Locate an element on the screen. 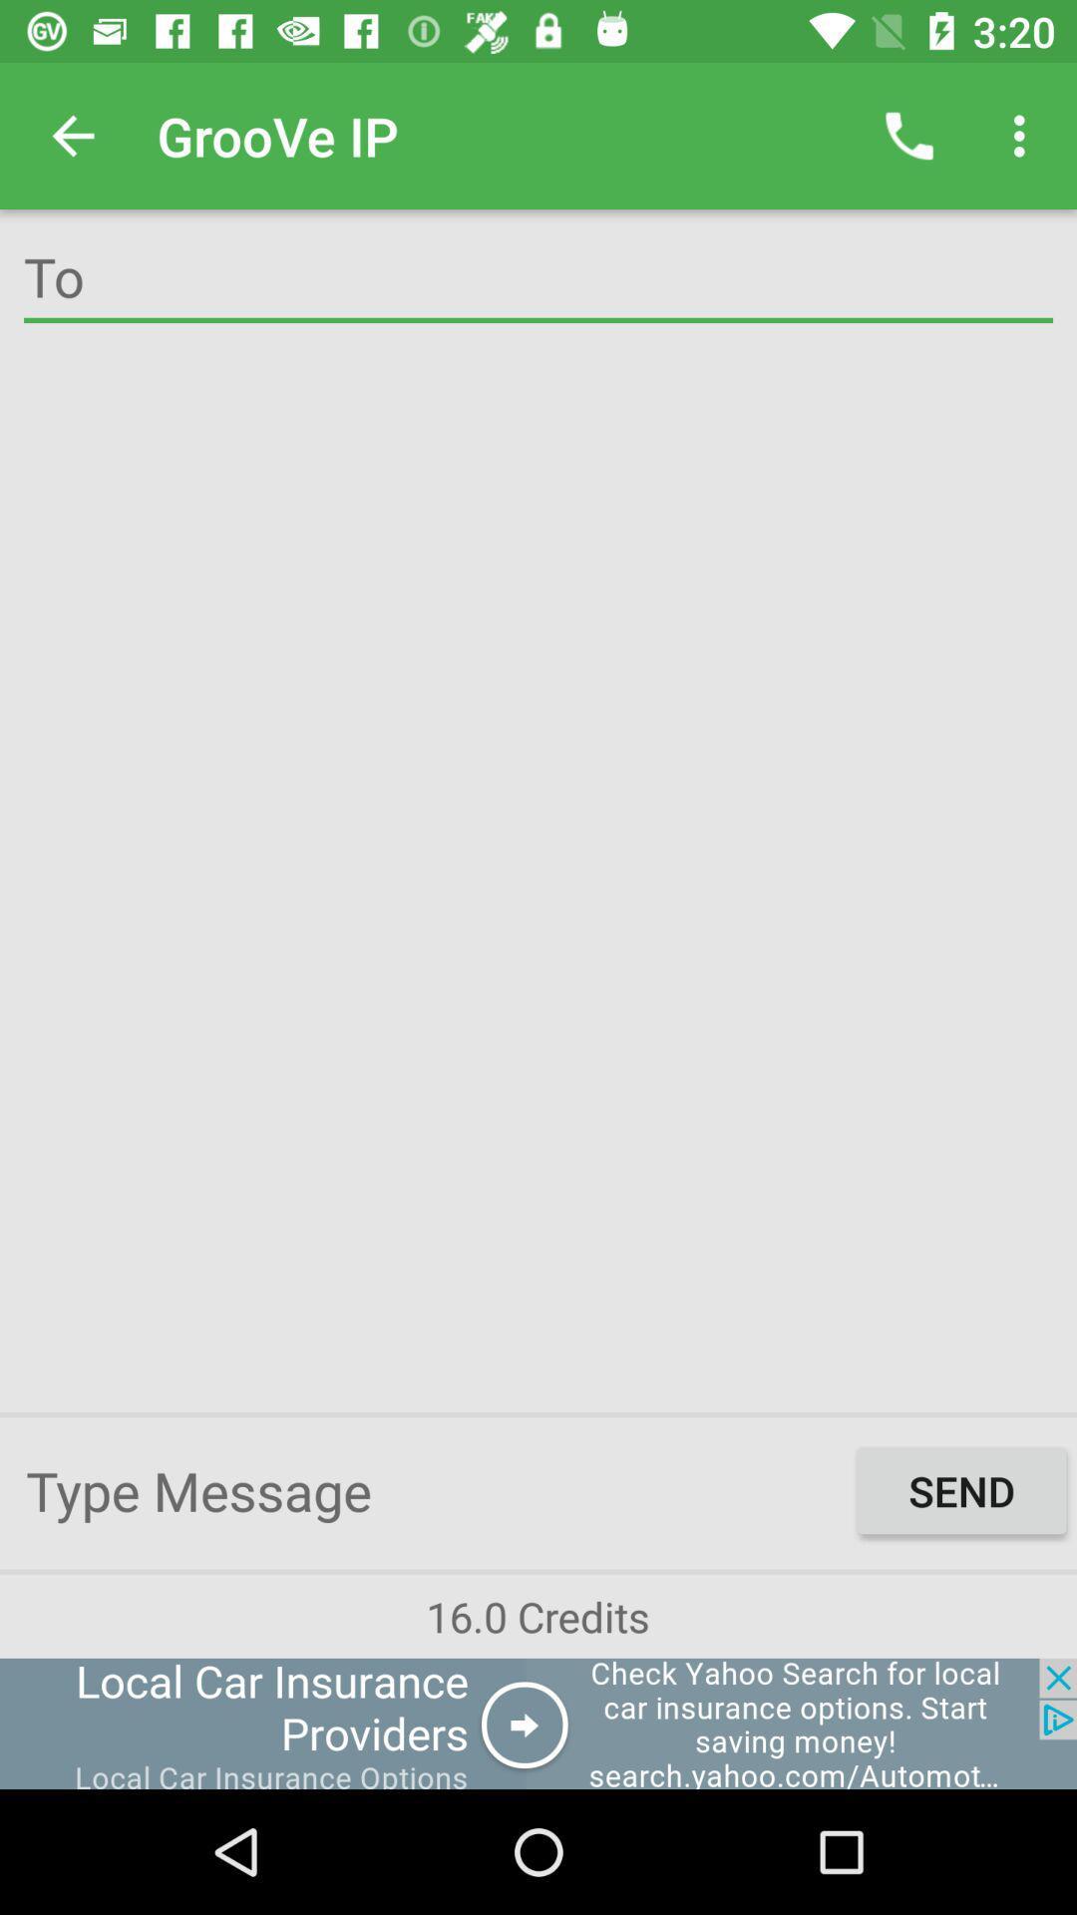 Image resolution: width=1077 pixels, height=1915 pixels. recipient phone number is located at coordinates (538, 280).